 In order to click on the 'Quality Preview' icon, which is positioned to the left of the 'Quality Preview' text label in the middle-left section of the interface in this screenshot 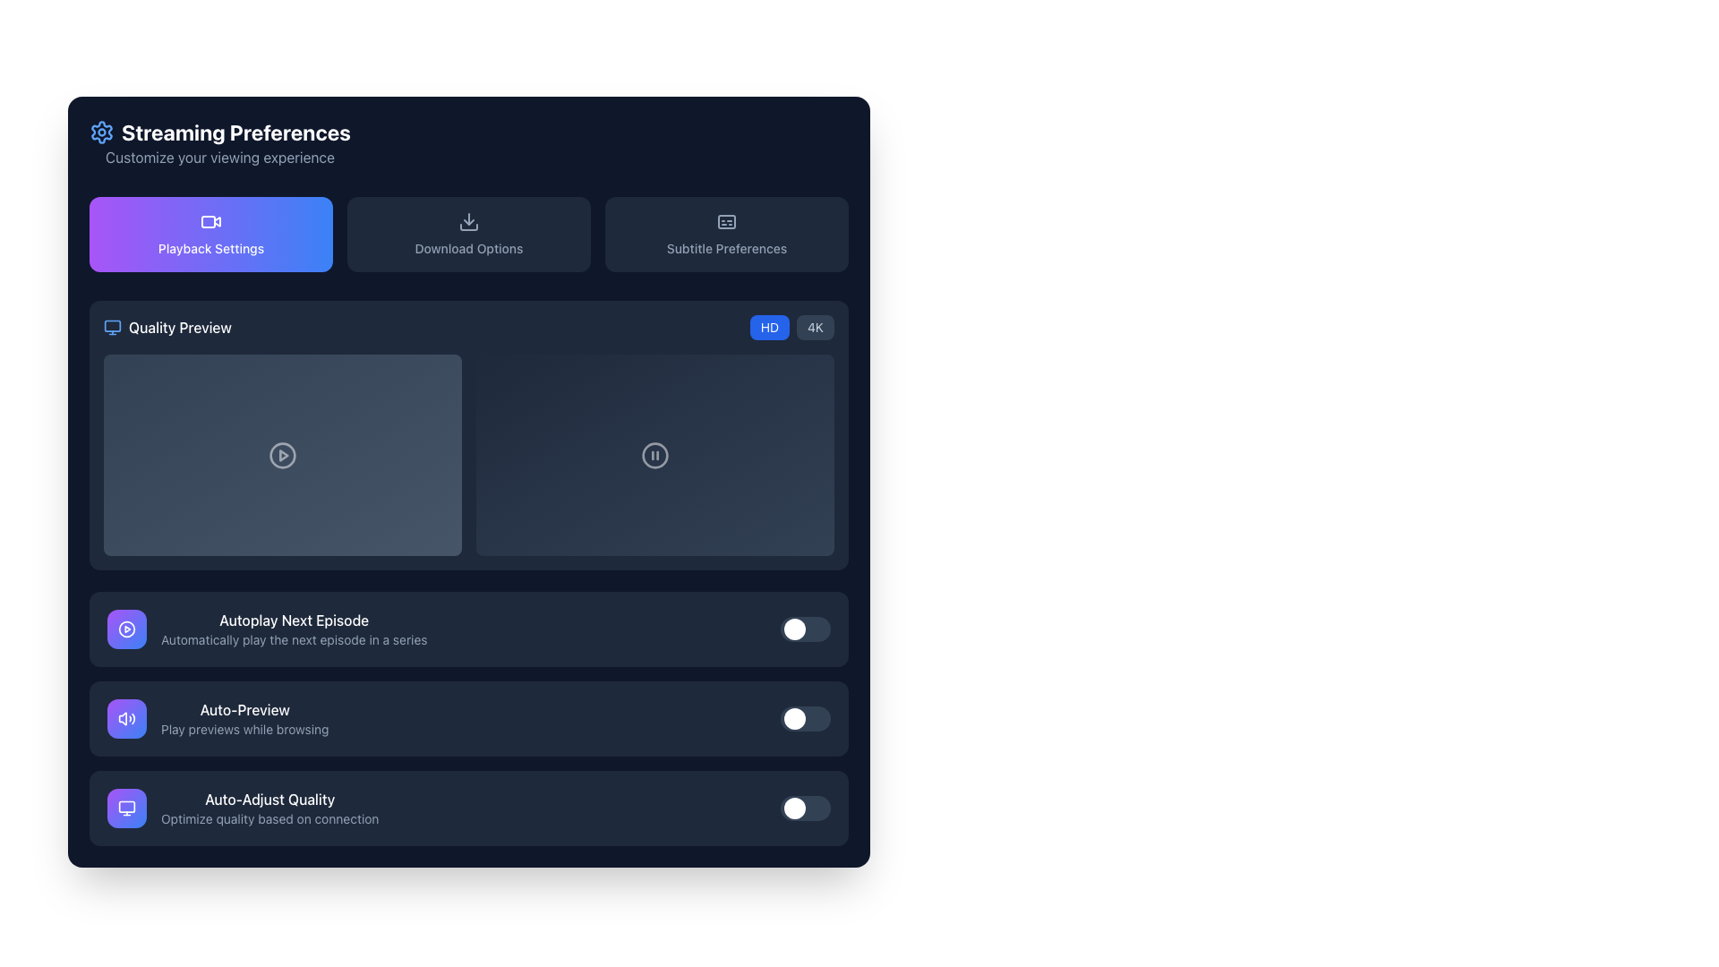, I will do `click(111, 328)`.